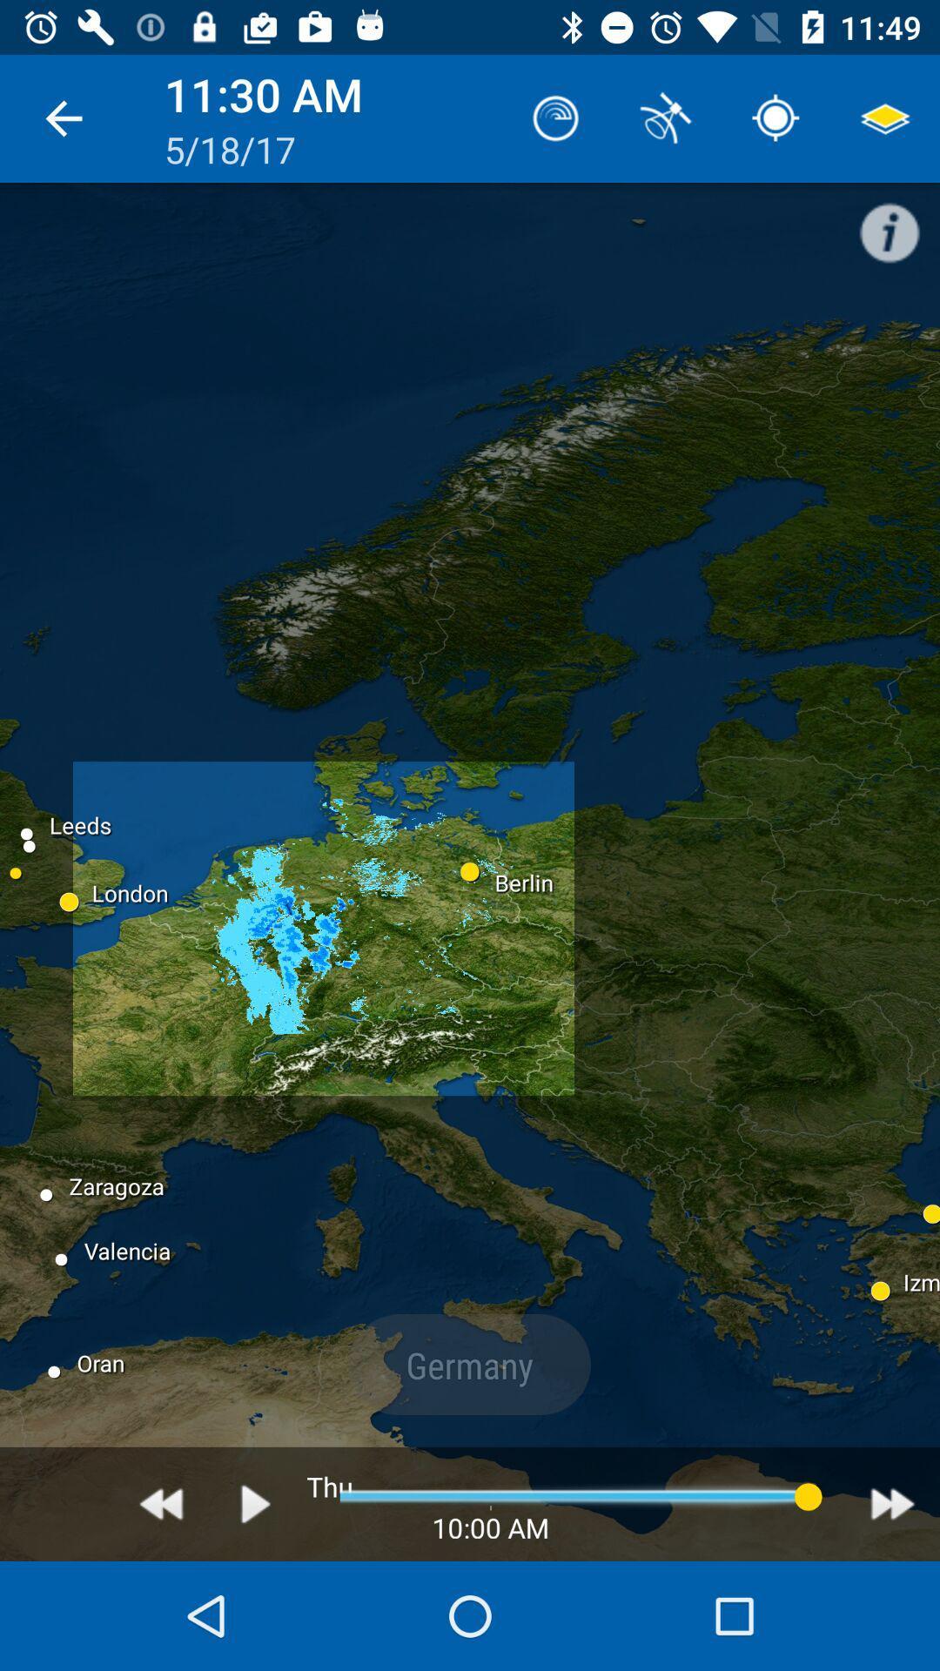  Describe the element at coordinates (556, 117) in the screenshot. I see `icon next to 11:30 am item` at that location.